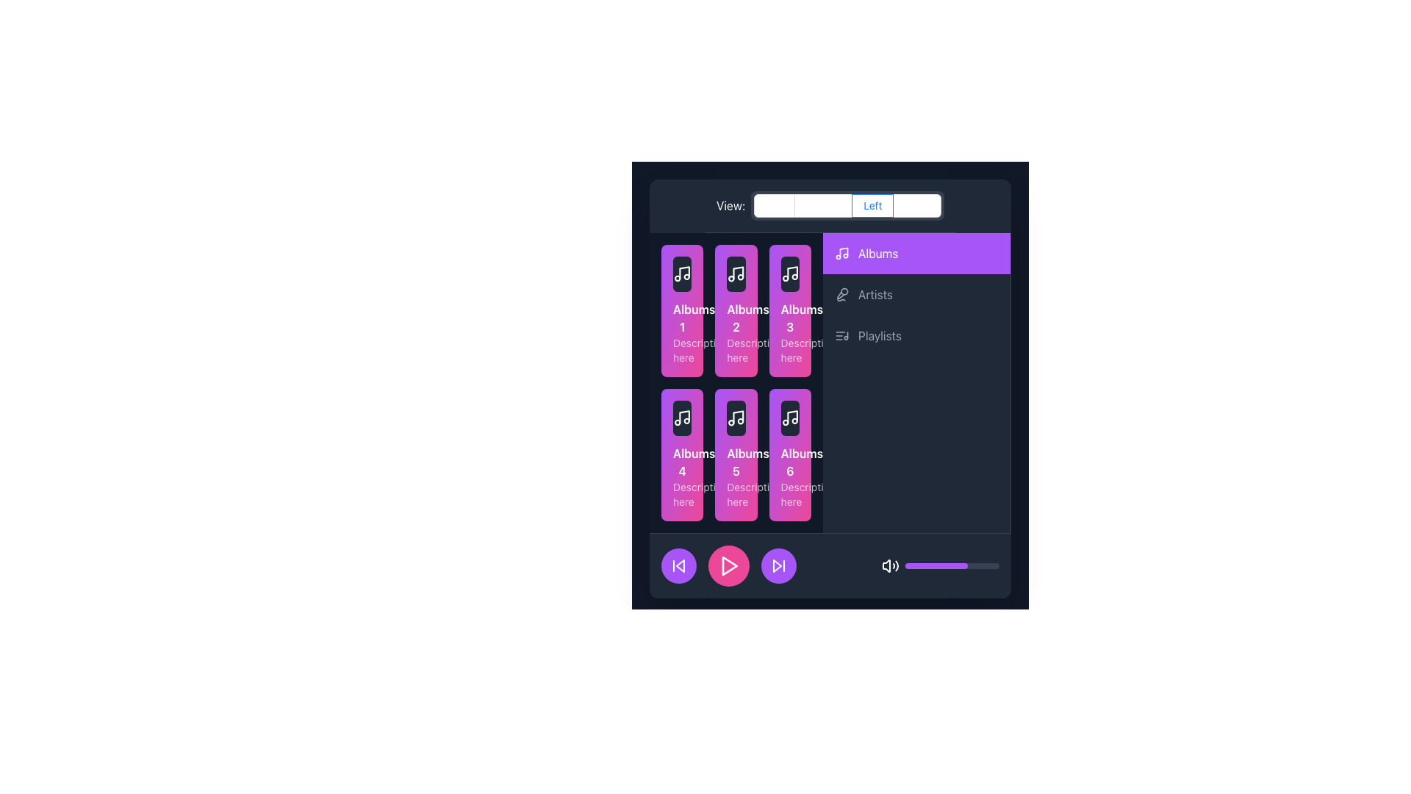 The height and width of the screenshot is (794, 1411). What do you see at coordinates (681, 454) in the screenshot?
I see `the interactive card representing an album located in the second row first column of the grid` at bounding box center [681, 454].